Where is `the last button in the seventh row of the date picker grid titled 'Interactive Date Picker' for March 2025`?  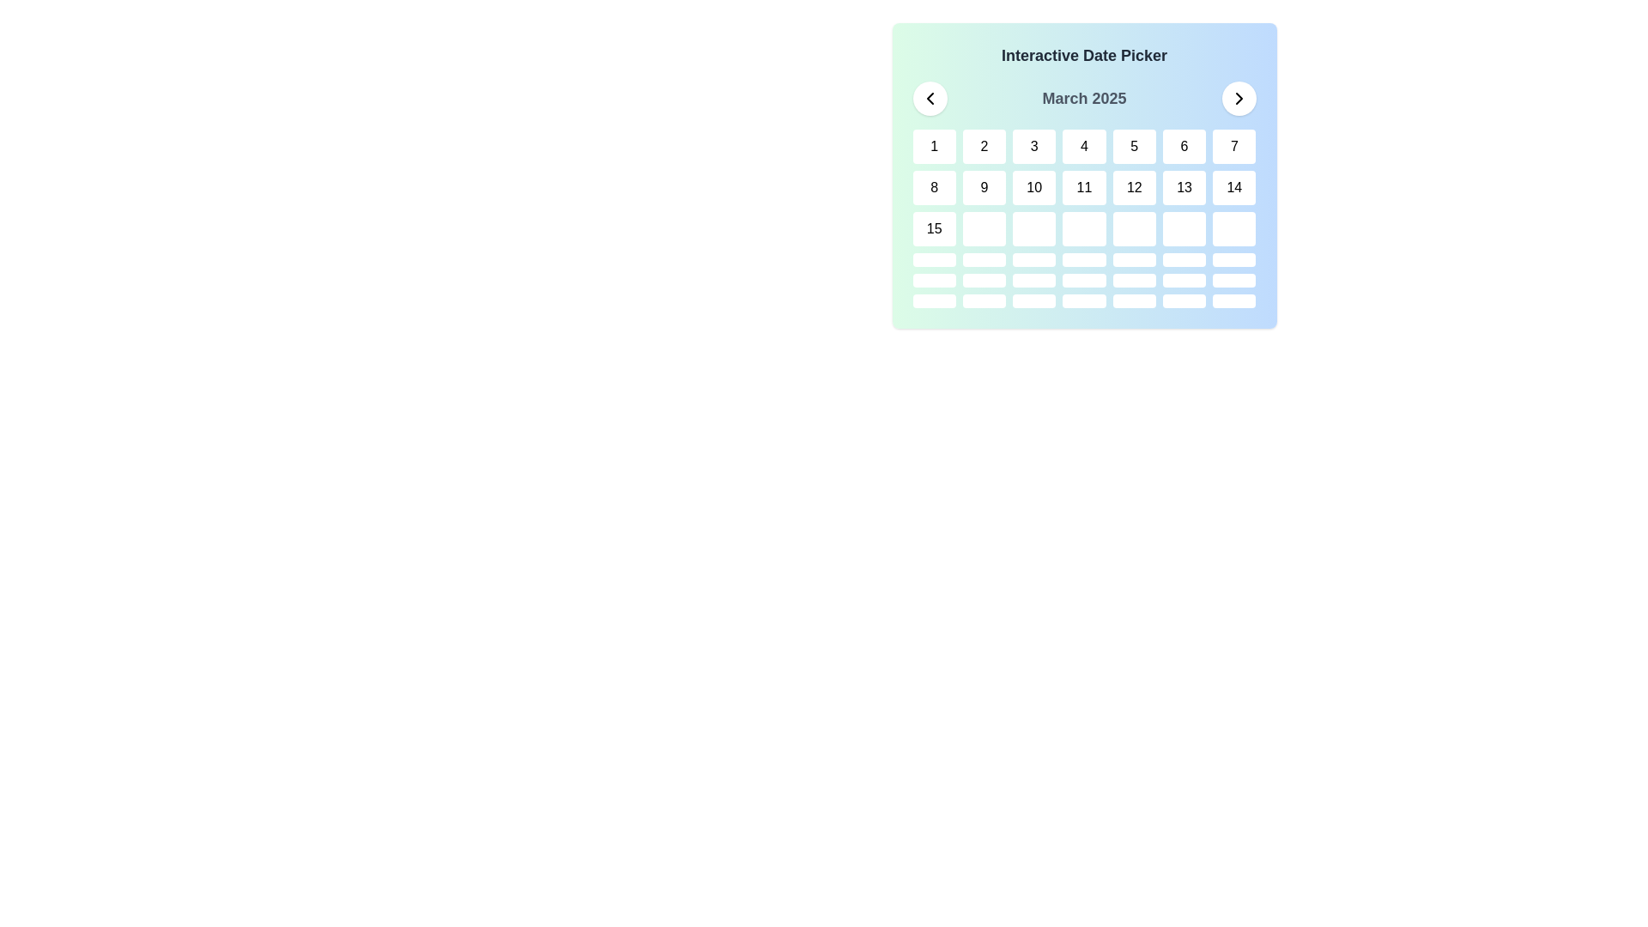 the last button in the seventh row of the date picker grid titled 'Interactive Date Picker' for March 2025 is located at coordinates (1233, 300).